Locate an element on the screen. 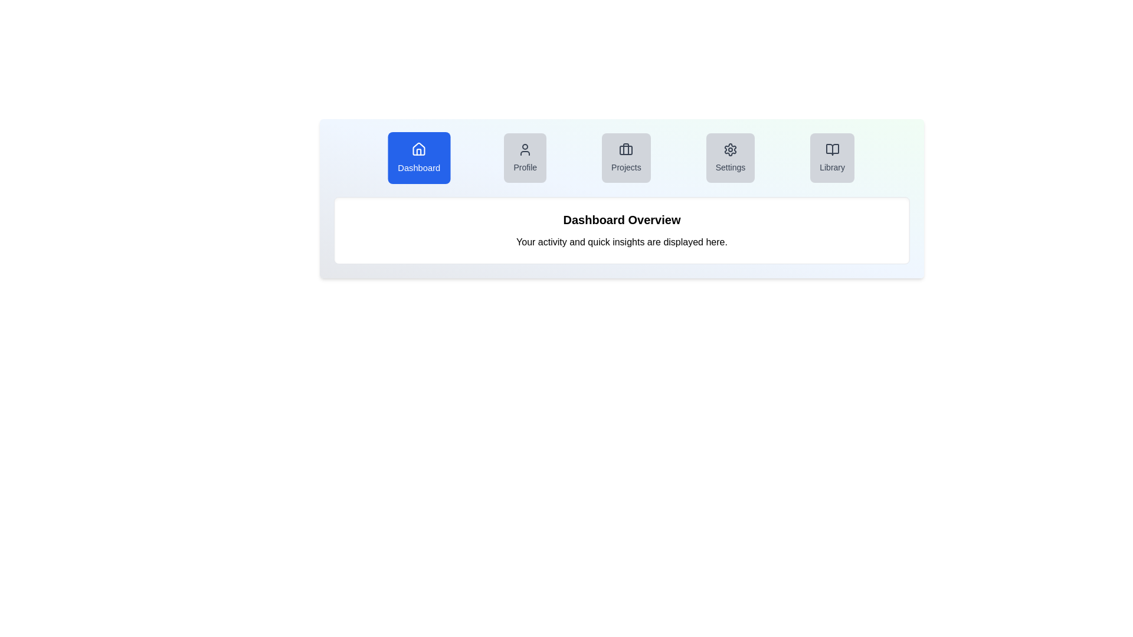  on the open book icon, which is part of the 'Library' button located in the navigation options at the top of the interface is located at coordinates (831, 149).